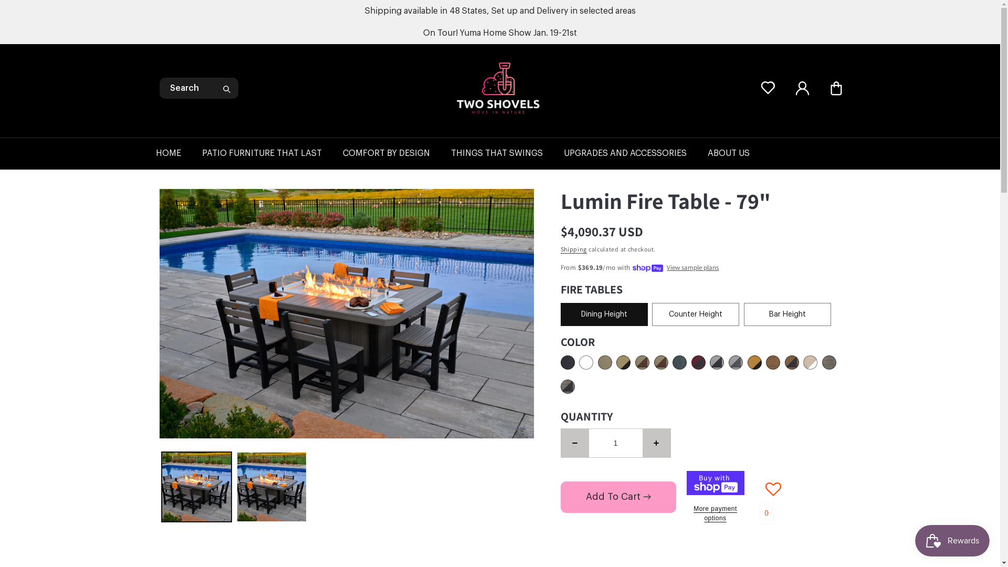  Describe the element at coordinates (952, 540) in the screenshot. I see `'Smile.io Rewards Program Launcher'` at that location.